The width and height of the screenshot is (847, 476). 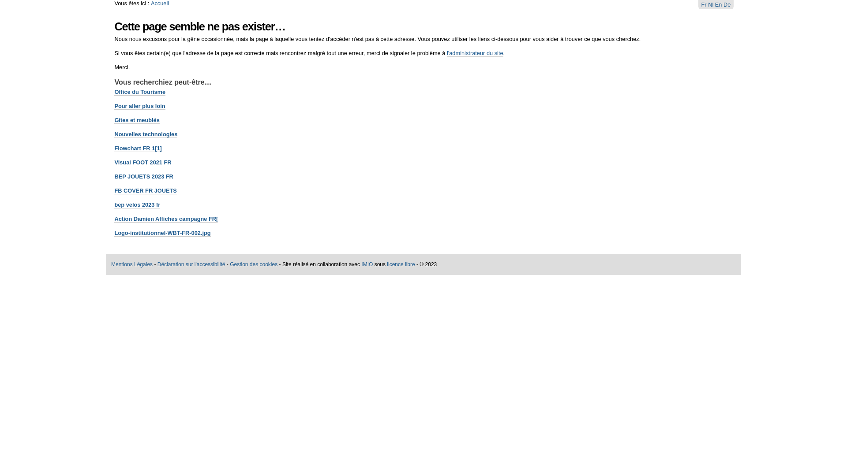 I want to click on 'Visual FOOT 2021 FR', so click(x=142, y=163).